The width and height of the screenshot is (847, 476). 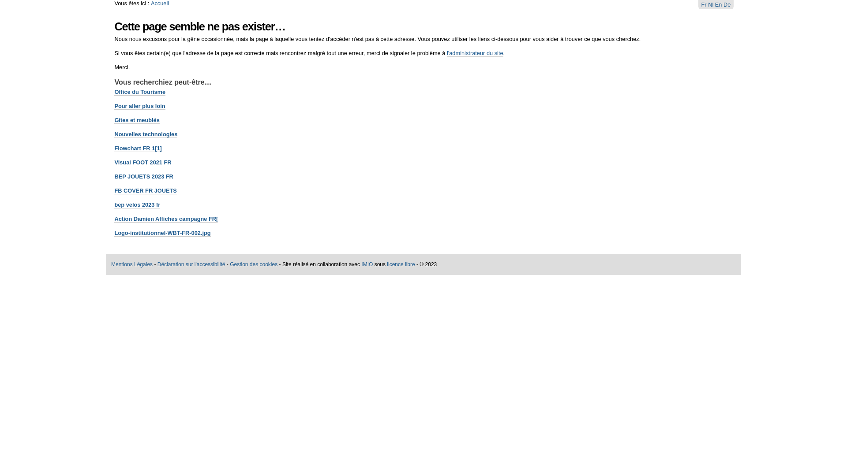 I want to click on 'Visual FOOT 2021 FR', so click(x=142, y=163).